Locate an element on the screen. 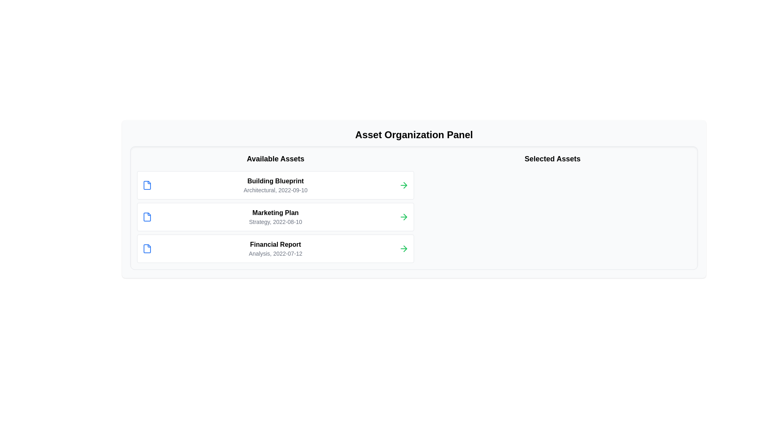 The width and height of the screenshot is (781, 439). the text block containing the title 'Financial Report' and the subtitle 'Analysis, 2022-07-12' by clicking on its center point is located at coordinates (275, 248).